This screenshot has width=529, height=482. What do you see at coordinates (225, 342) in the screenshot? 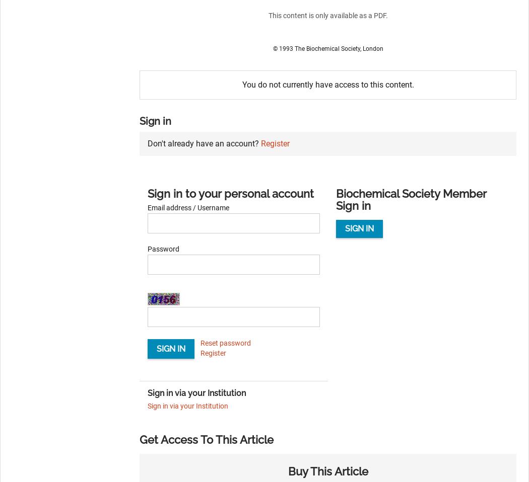
I see `'Reset password'` at bounding box center [225, 342].